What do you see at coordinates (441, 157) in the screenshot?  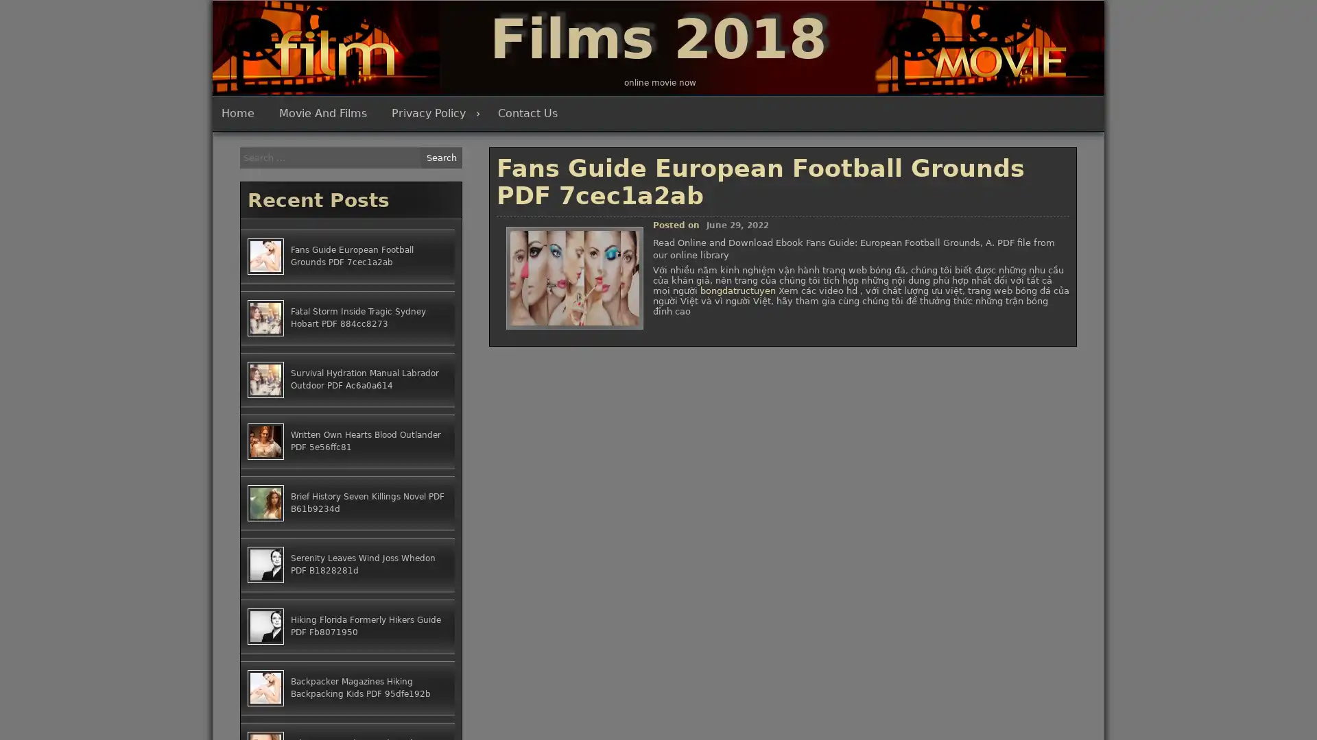 I see `Search` at bounding box center [441, 157].